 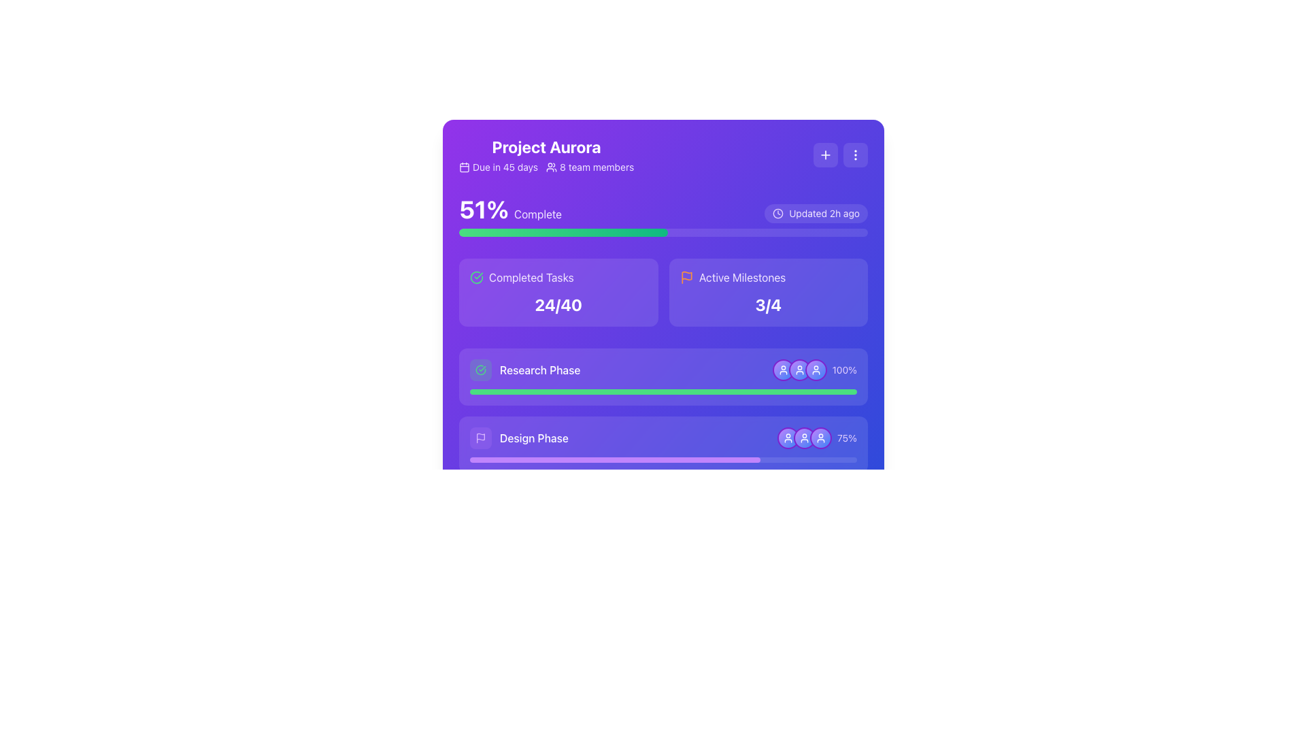 I want to click on the 'Research Phase' text label, which indicates the current phase of the project and is positioned above its corresponding progress bar, so click(x=539, y=370).